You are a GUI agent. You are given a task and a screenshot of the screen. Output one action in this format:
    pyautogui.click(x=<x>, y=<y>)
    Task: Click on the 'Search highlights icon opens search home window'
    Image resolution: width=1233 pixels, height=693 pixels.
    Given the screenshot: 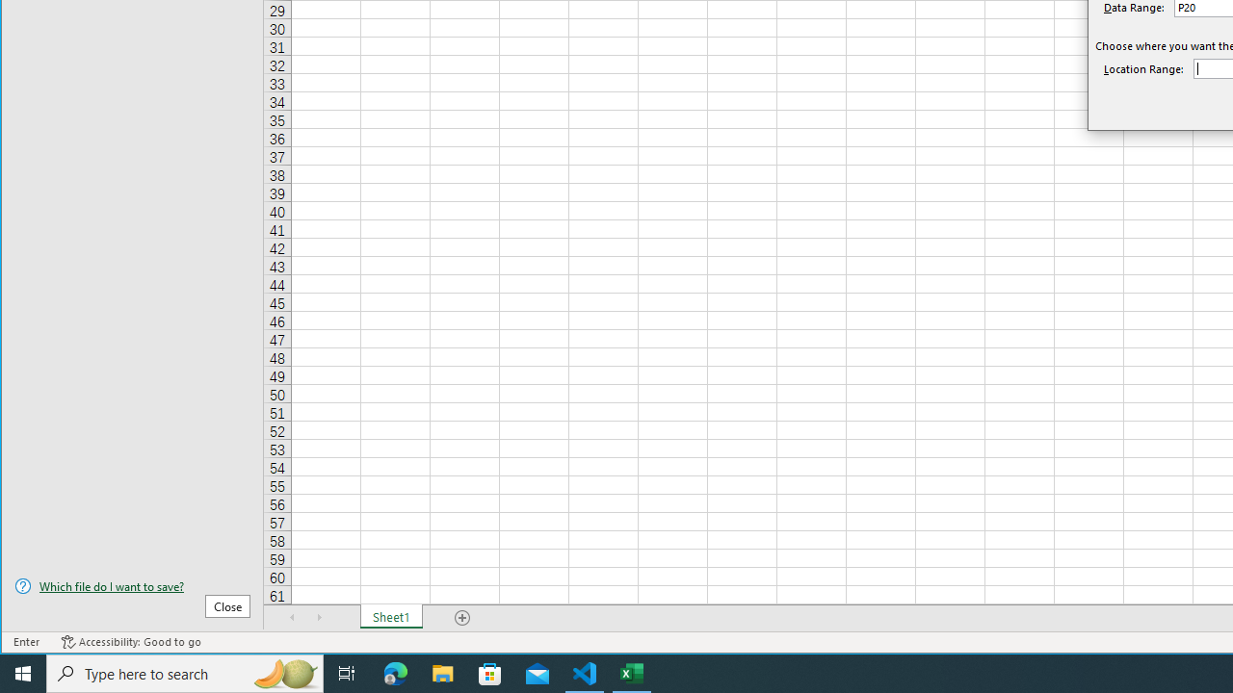 What is the action you would take?
    pyautogui.click(x=283, y=672)
    